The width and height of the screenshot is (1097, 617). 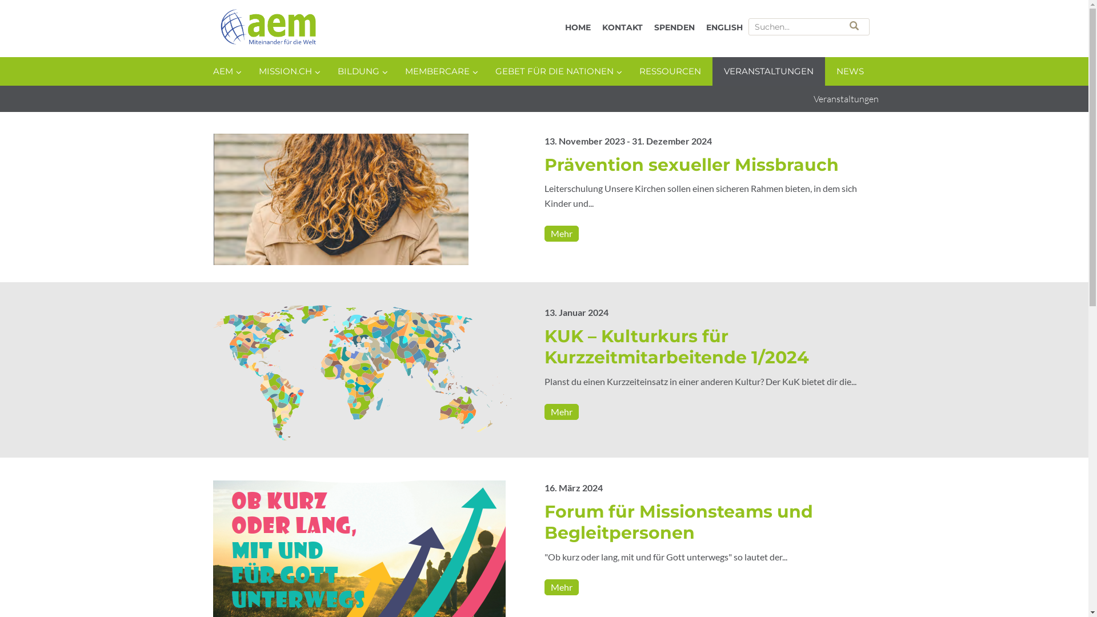 What do you see at coordinates (561, 233) in the screenshot?
I see `'Mehr'` at bounding box center [561, 233].